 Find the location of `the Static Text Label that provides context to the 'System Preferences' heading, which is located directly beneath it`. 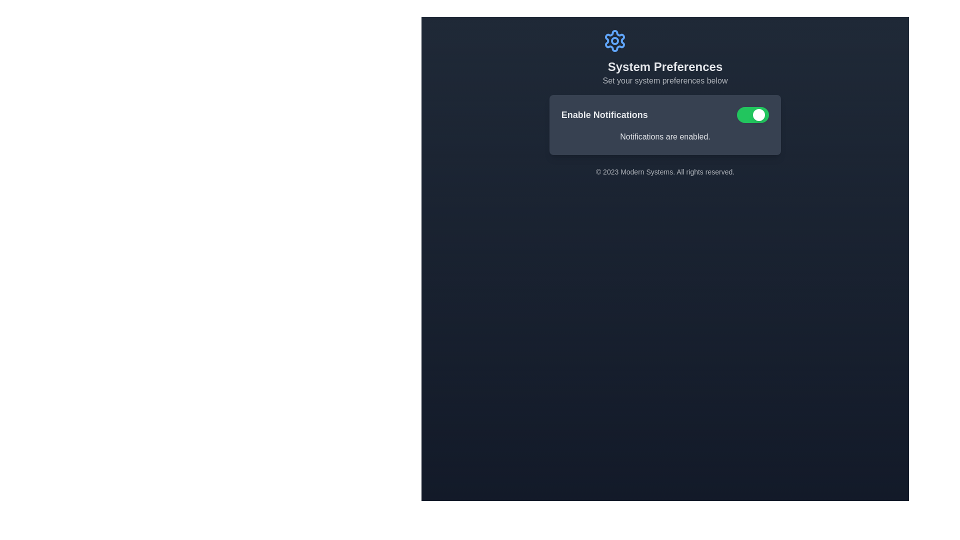

the Static Text Label that provides context to the 'System Preferences' heading, which is located directly beneath it is located at coordinates (665, 80).